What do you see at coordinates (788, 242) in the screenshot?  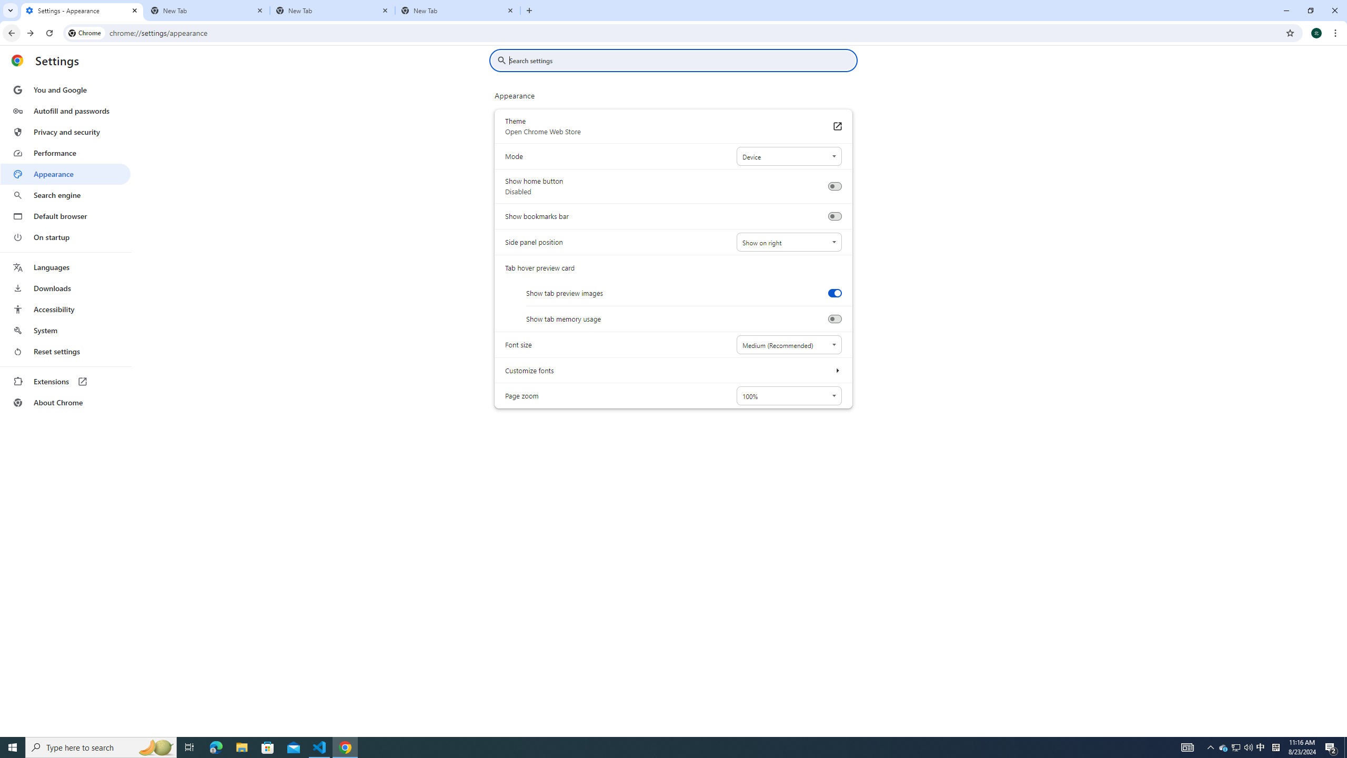 I see `'Side panel position'` at bounding box center [788, 242].